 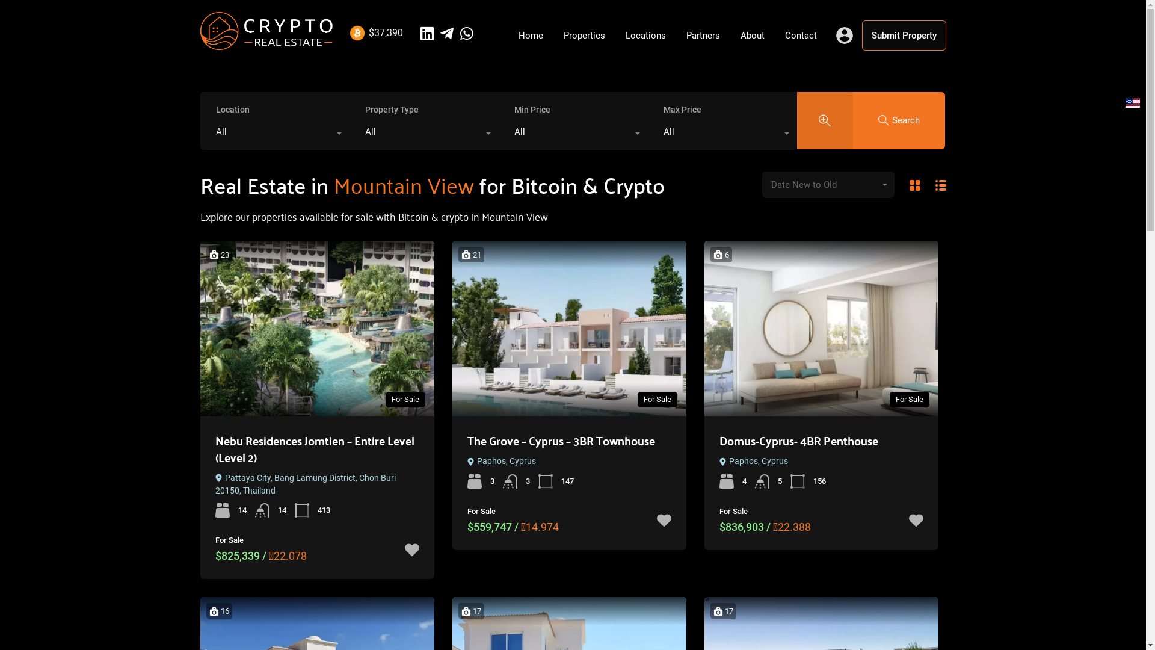 I want to click on 'Contact', so click(x=801, y=34).